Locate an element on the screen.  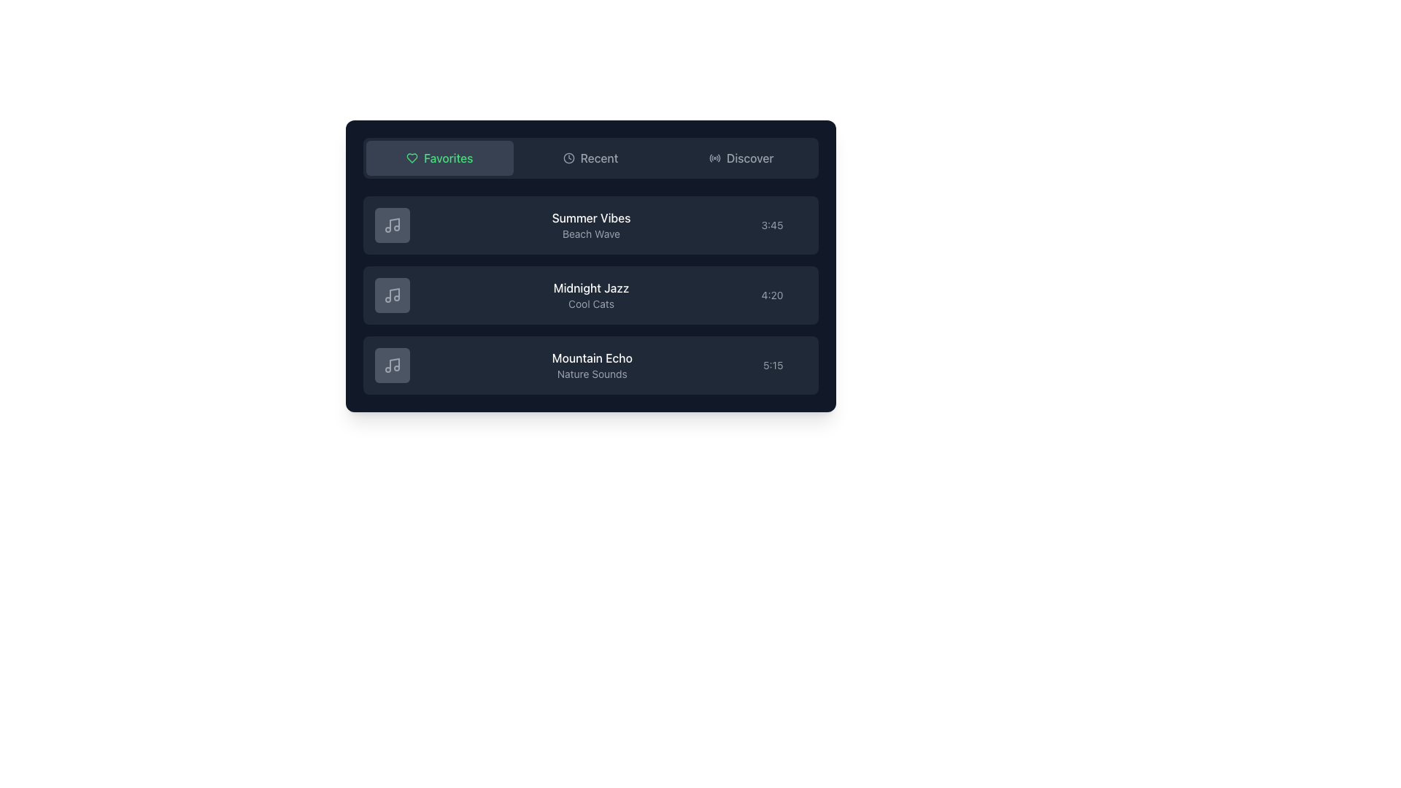
the action button located in the bottom row of the list next to the time '5:15', associated with the title 'Mountain Echo' and subtitle 'Nature Sounds' is located at coordinates (800, 365).